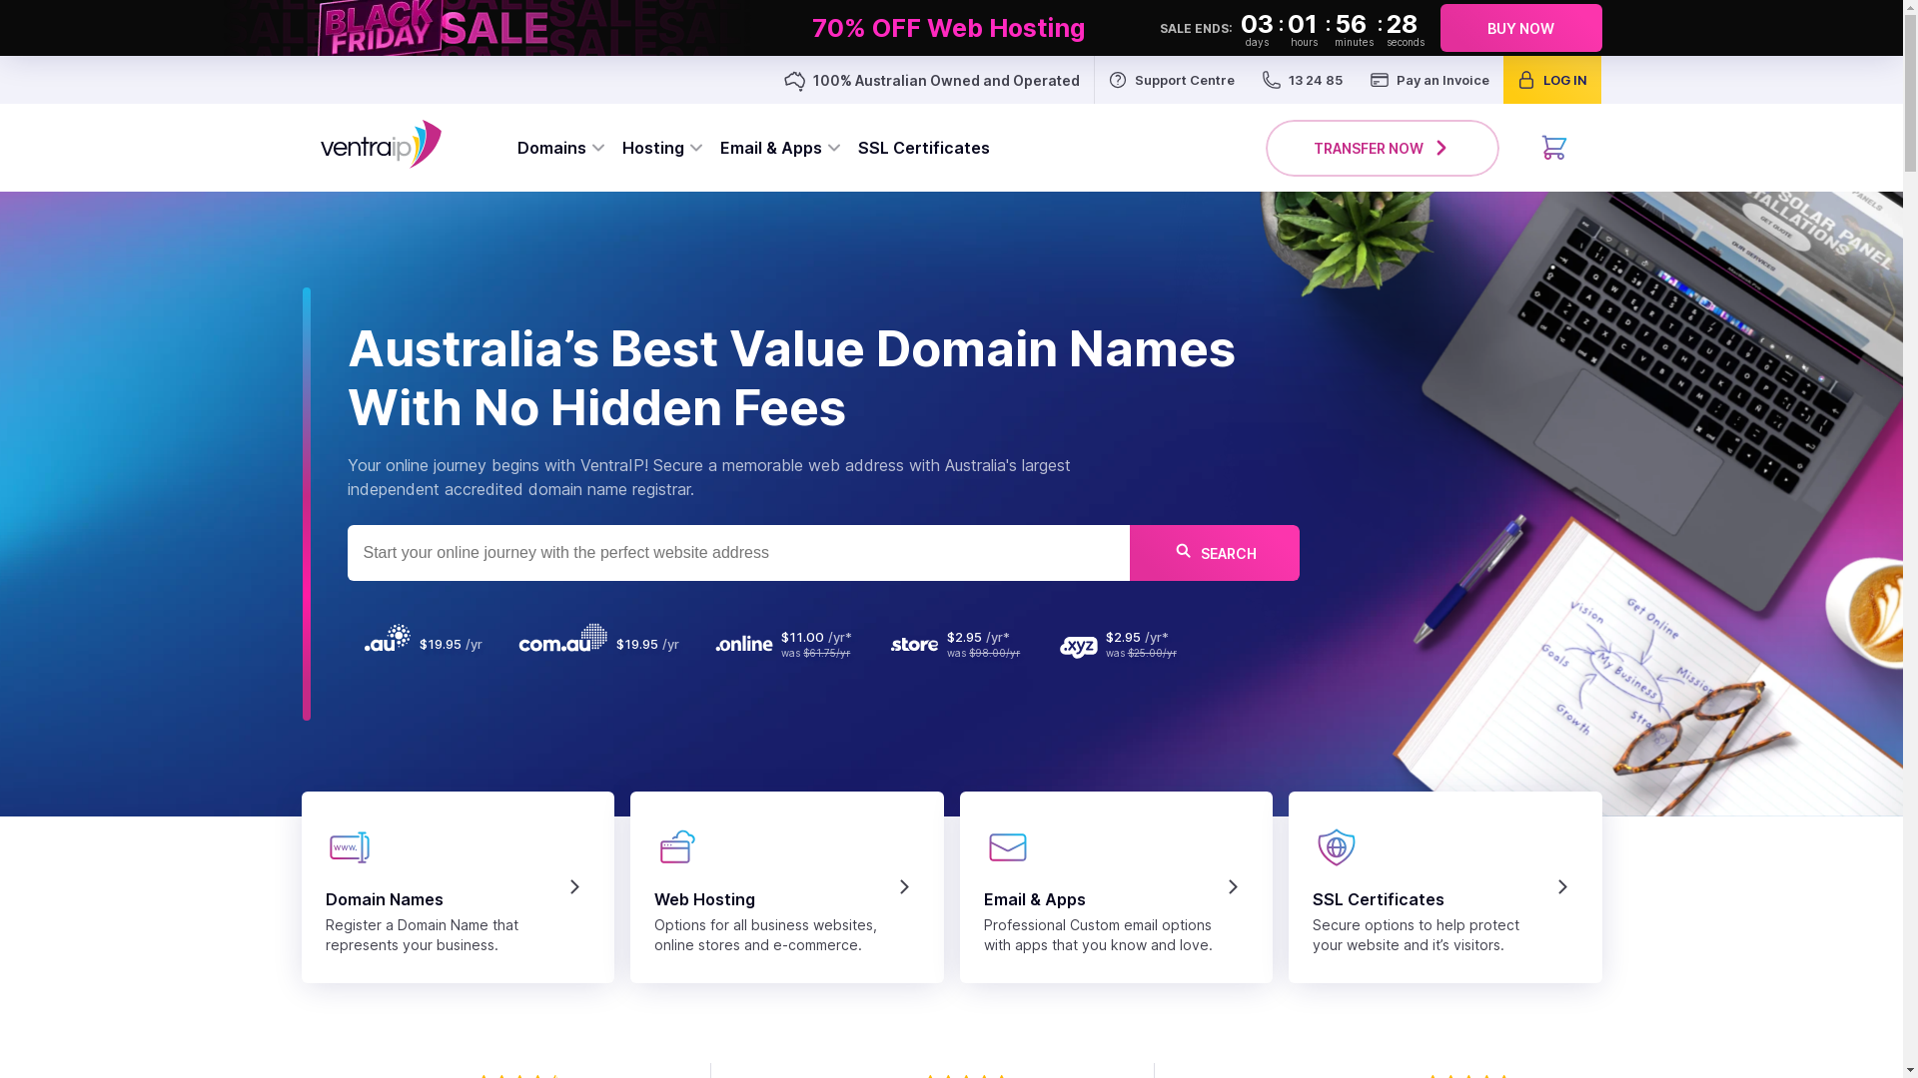 This screenshot has height=1078, width=1918. What do you see at coordinates (1337, 846) in the screenshot?
I see `'security'` at bounding box center [1337, 846].